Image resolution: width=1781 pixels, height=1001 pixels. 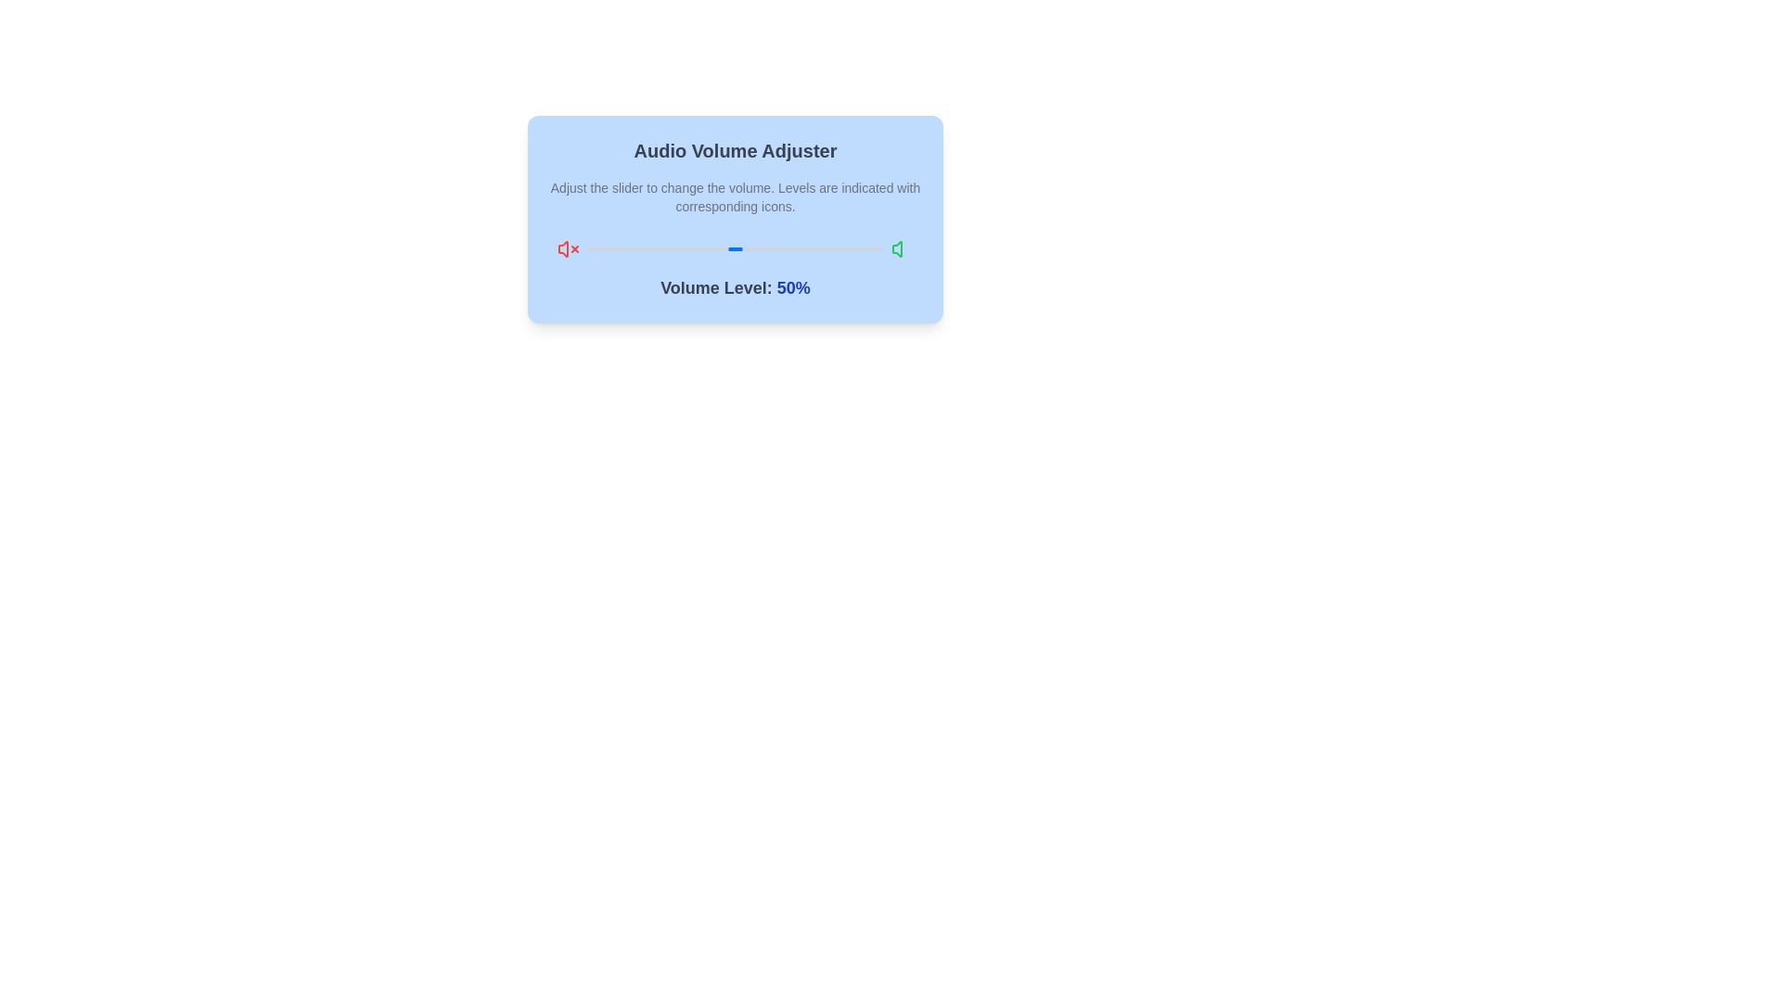 I want to click on the slider to set the volume to 97%, so click(x=874, y=248).